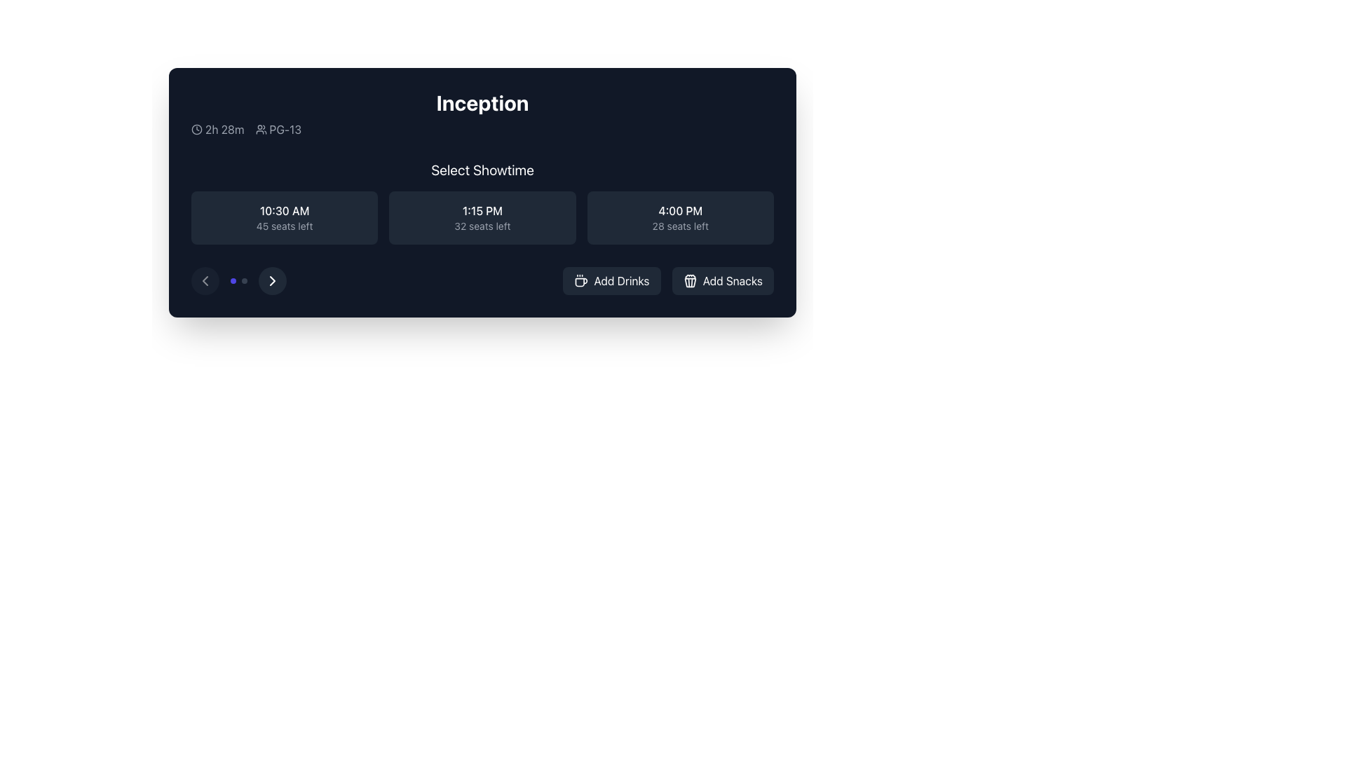 The height and width of the screenshot is (757, 1346). Describe the element at coordinates (581, 282) in the screenshot. I see `the beverage indicator icon located at the bottom-left corner of the UI` at that location.